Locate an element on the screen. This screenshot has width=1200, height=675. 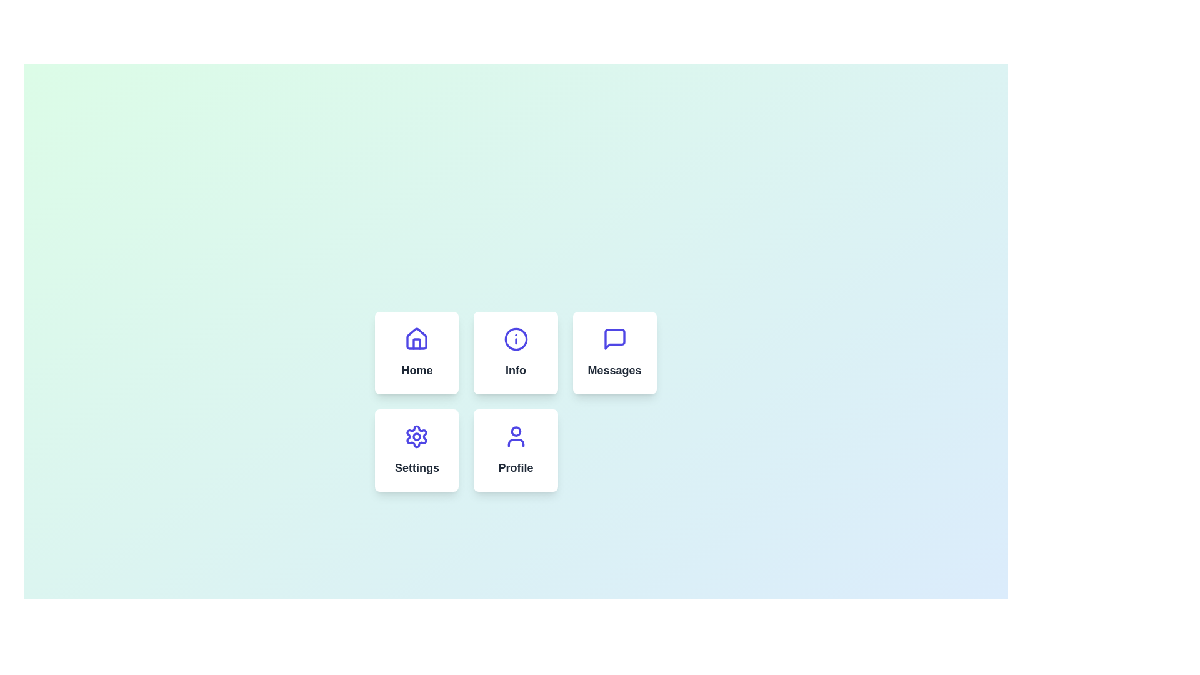
the 'Profile' label, which is a medium-sized, bold, black text in a sans-serif font, located near the lower-right of the centered grid of selectable cards is located at coordinates (516, 467).